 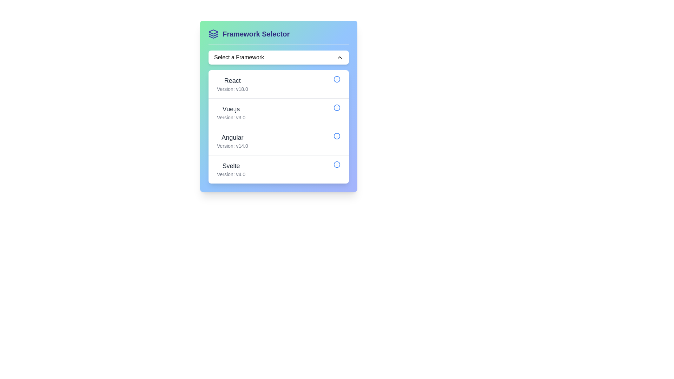 What do you see at coordinates (278, 106) in the screenshot?
I see `the second list item that represents a framework option, which has a gradient background transitioning from green to purple` at bounding box center [278, 106].